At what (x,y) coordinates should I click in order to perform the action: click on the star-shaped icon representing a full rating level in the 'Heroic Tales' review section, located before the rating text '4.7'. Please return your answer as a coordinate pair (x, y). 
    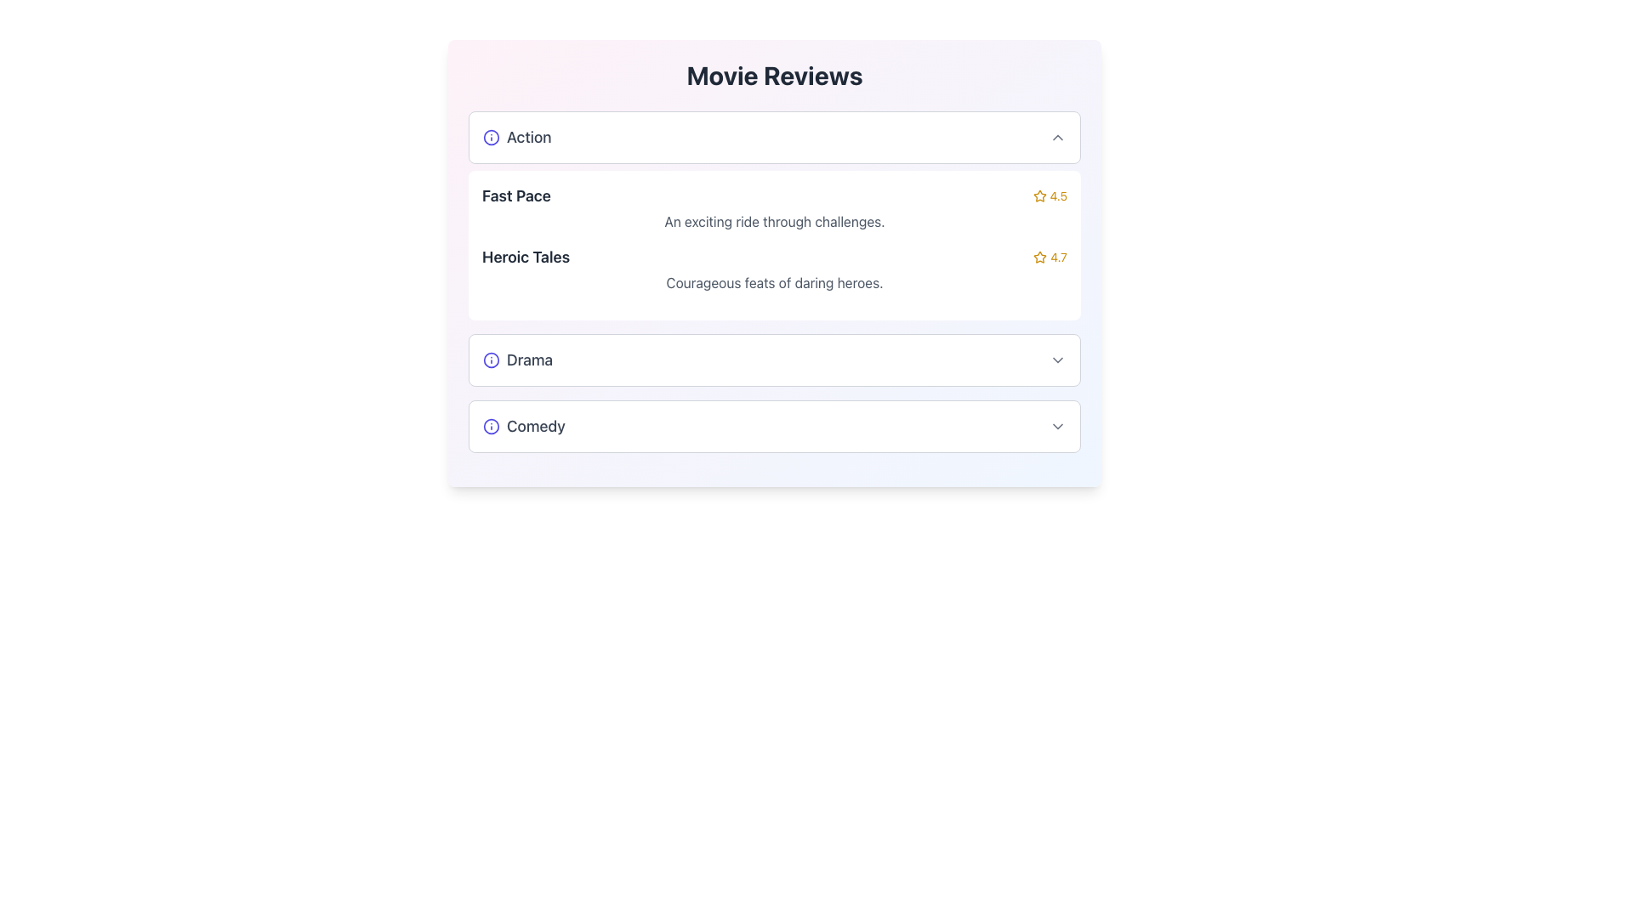
    Looking at the image, I should click on (1039, 258).